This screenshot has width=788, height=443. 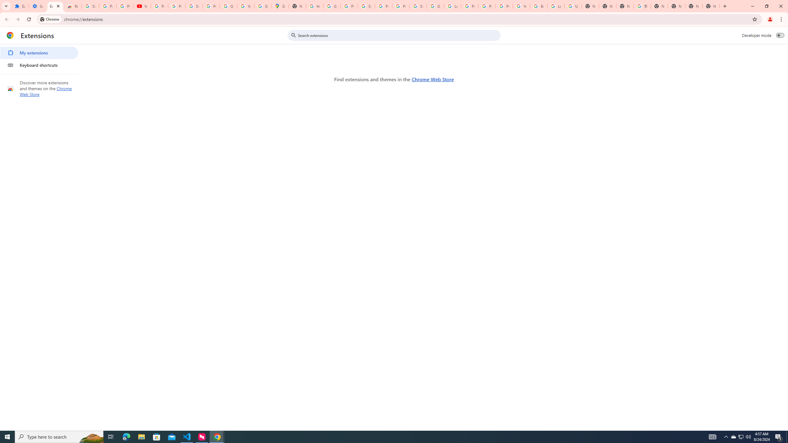 I want to click on 'Privacy Help Center - Policies Help', so click(x=470, y=6).